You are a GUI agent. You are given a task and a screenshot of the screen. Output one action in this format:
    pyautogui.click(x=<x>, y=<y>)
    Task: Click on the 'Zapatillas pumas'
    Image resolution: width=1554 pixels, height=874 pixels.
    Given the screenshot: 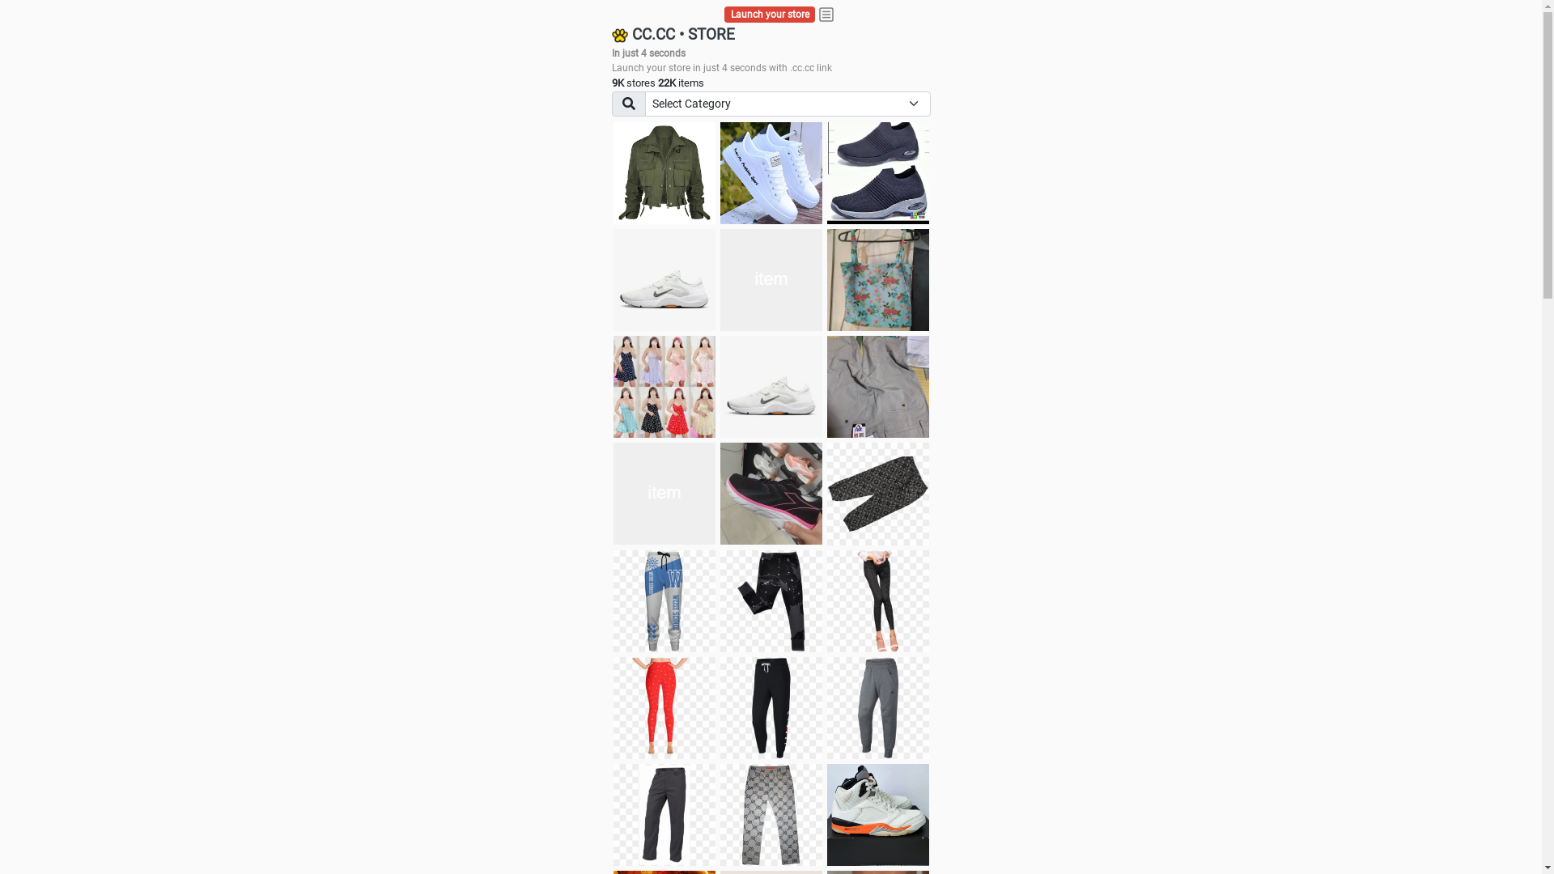 What is the action you would take?
    pyautogui.click(x=613, y=492)
    